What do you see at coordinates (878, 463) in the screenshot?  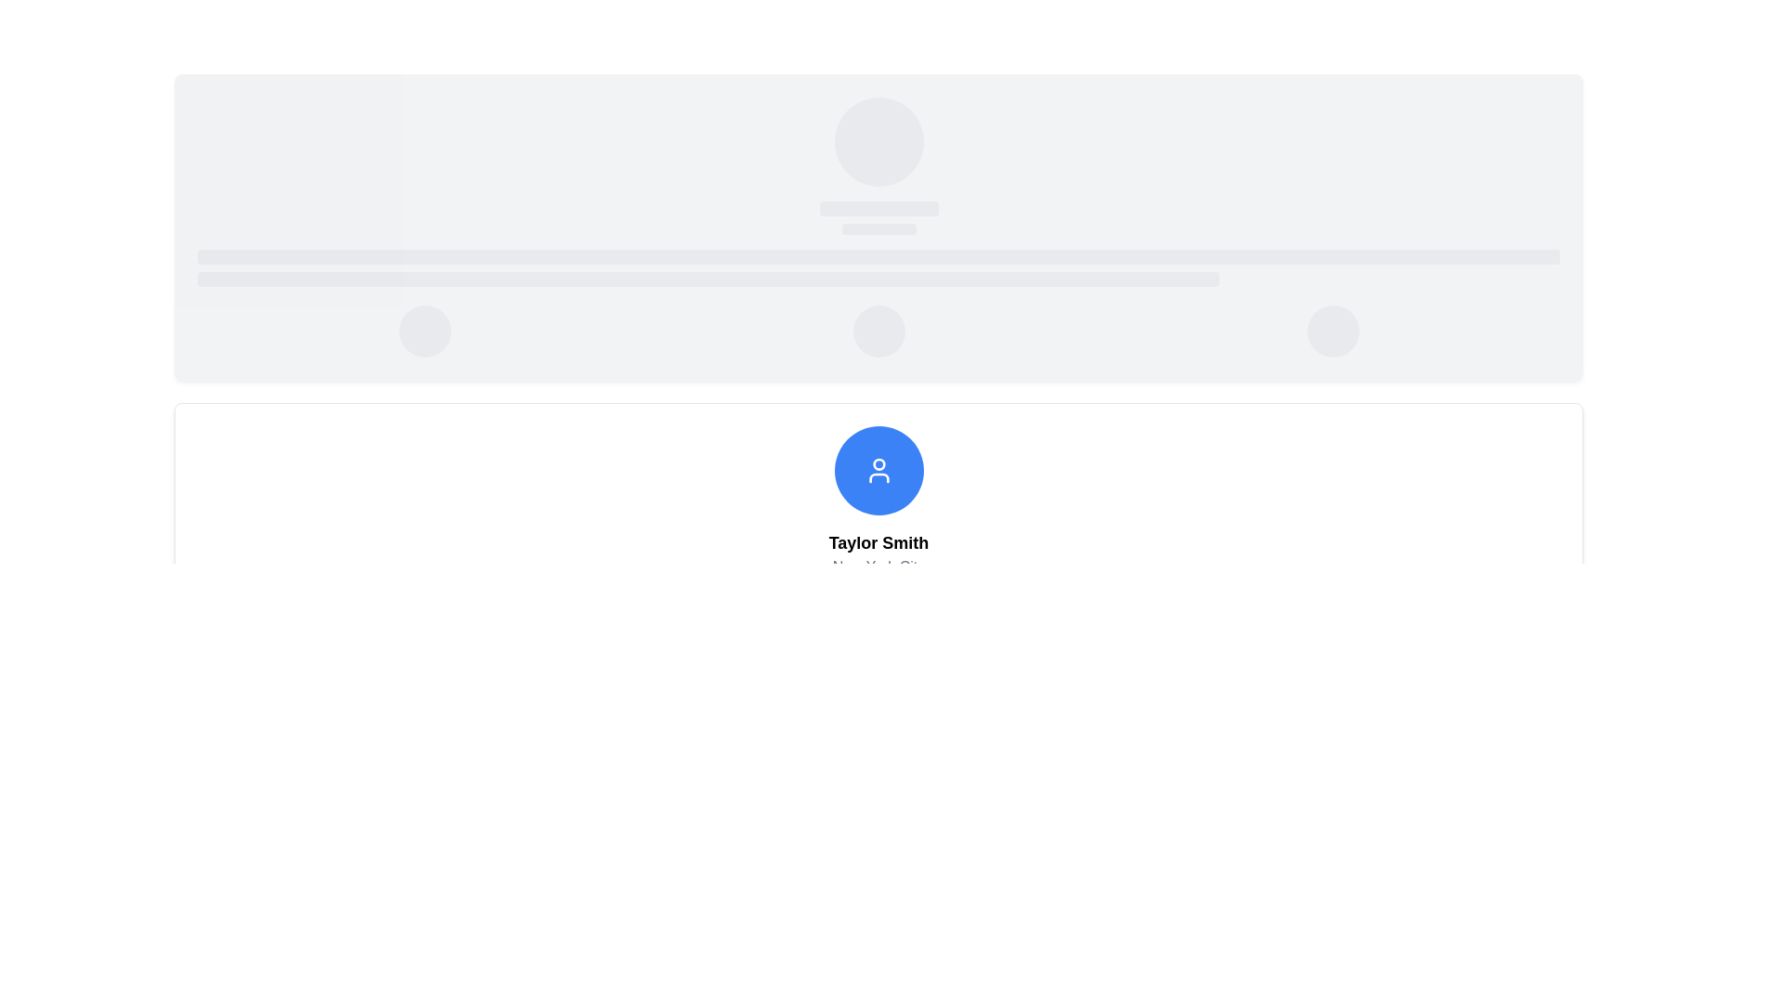 I see `upper circular component of the SVG user icon graphic, which represents the user's head` at bounding box center [878, 463].